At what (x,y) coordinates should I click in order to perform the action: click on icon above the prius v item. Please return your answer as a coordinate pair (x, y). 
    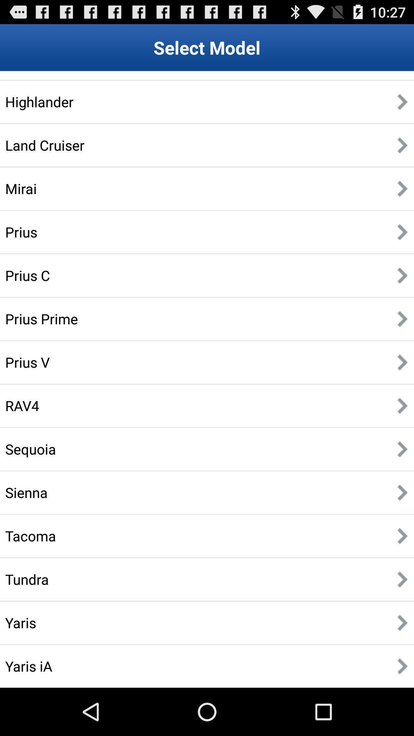
    Looking at the image, I should click on (41, 319).